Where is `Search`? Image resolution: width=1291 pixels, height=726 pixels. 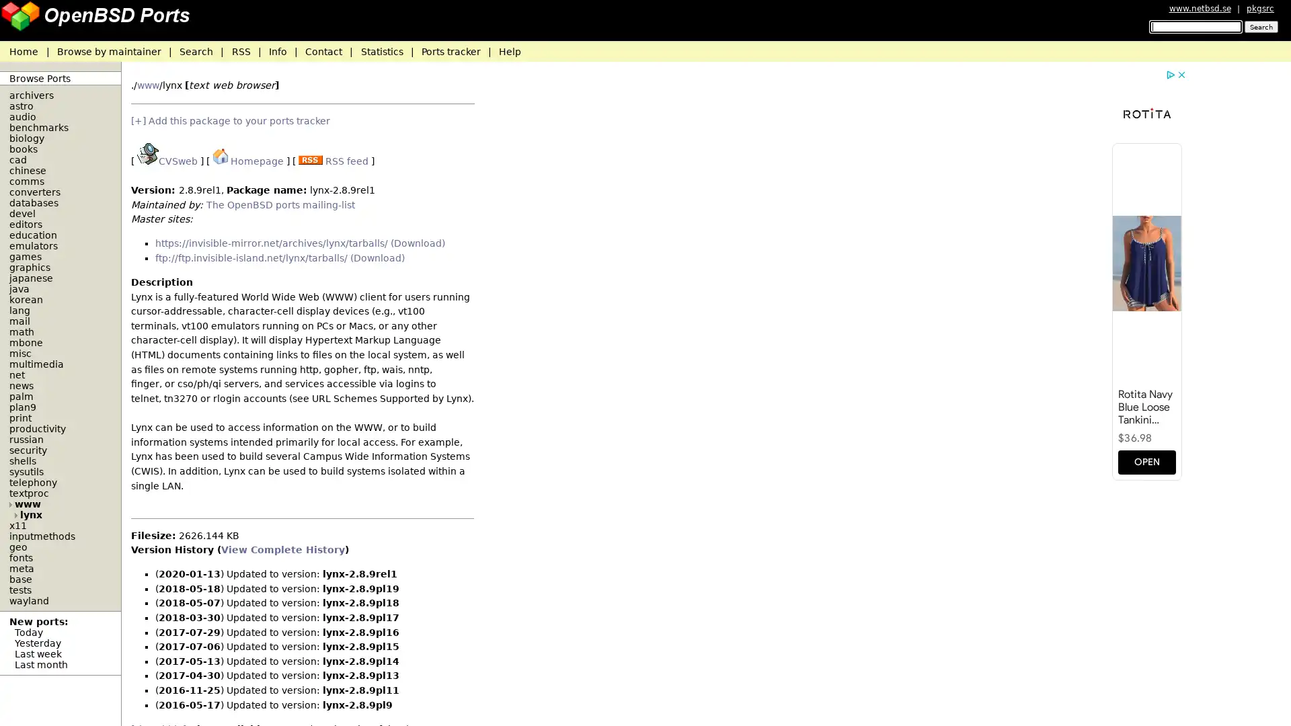
Search is located at coordinates (1260, 26).